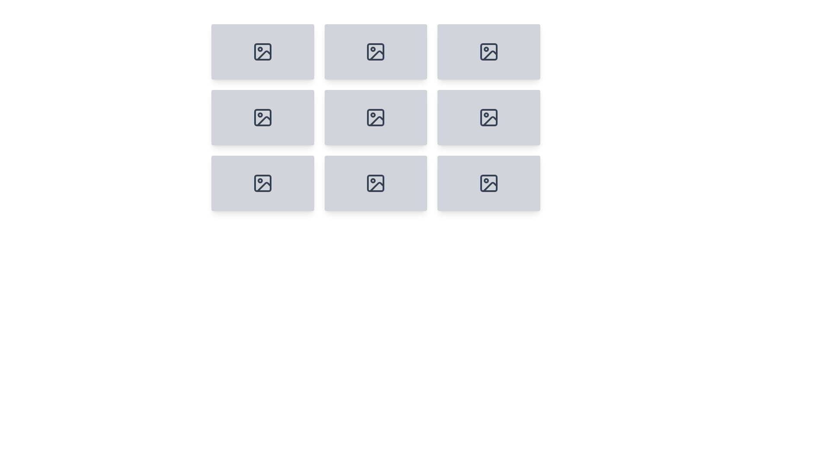  Describe the element at coordinates (489, 118) in the screenshot. I see `the decorative graphical primitive that is centrally aligned within the graphical 'image' icon located in the bottom-right cell of a 3x3 grid` at that location.